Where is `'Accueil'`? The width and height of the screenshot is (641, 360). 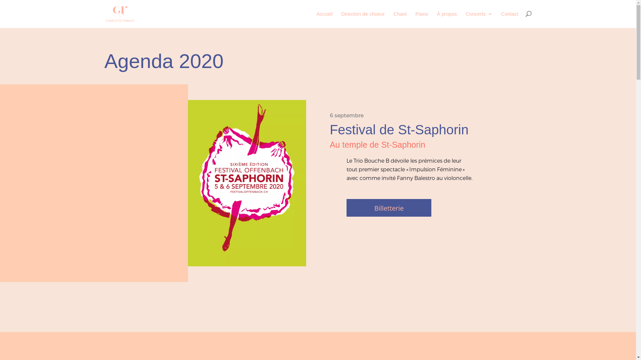 'Accueil' is located at coordinates (325, 19).